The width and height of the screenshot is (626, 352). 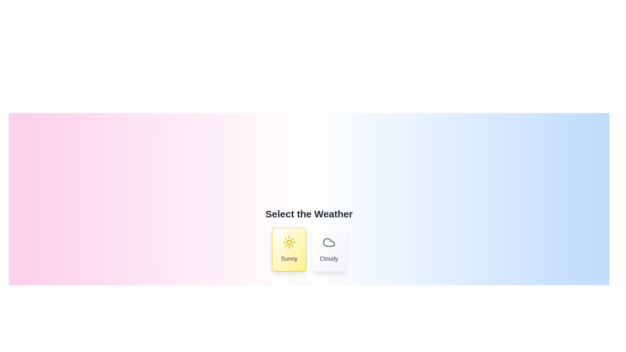 What do you see at coordinates (289, 249) in the screenshot?
I see `the 'Sunny' weather condition card button, which is a rectangular card with a gradient background, a yellow sun icon at the top, and the label 'Sunny' in gray font` at bounding box center [289, 249].